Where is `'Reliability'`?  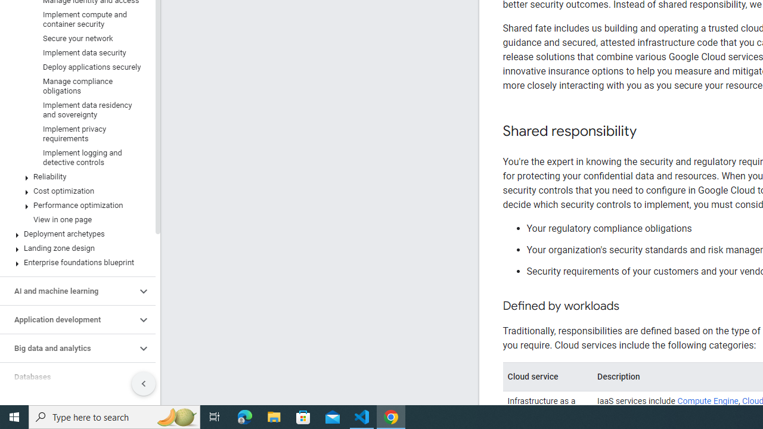
'Reliability' is located at coordinates (75, 177).